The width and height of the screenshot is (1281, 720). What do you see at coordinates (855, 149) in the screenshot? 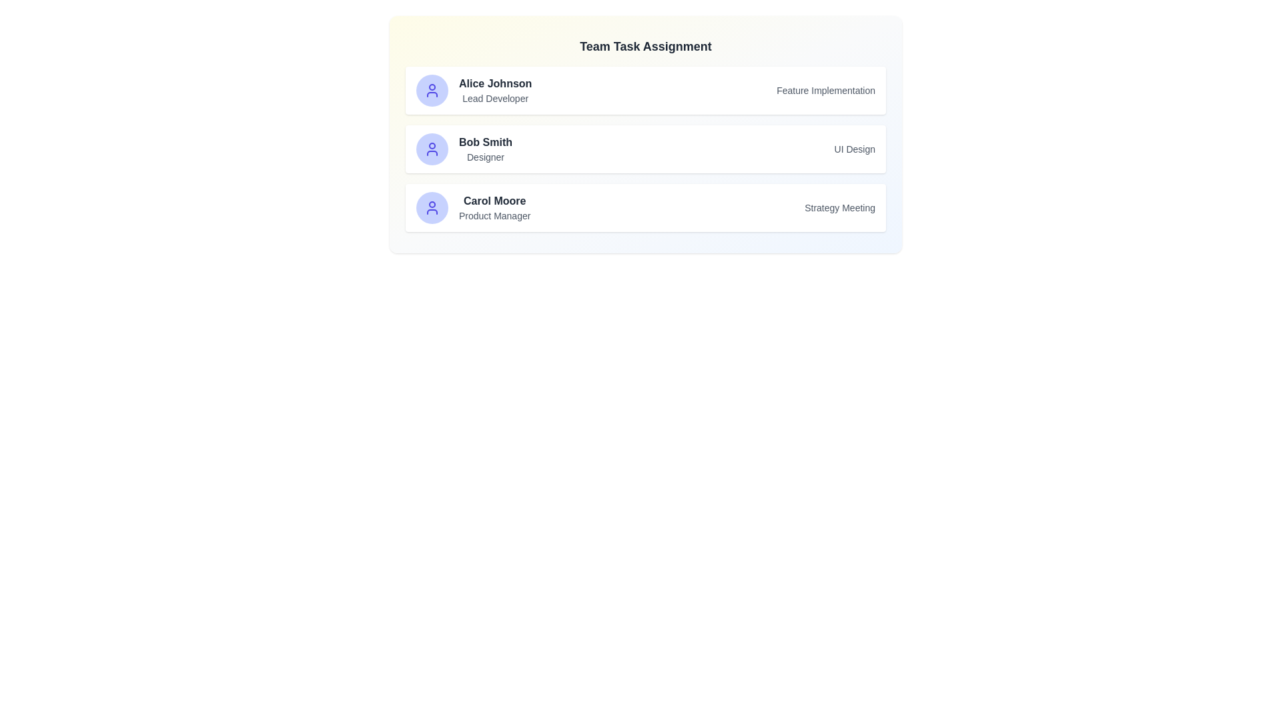
I see `the text label that reads 'UI Design', which is styled in small gray font and is located in the bottom-right corner of the task assignation block for 'Bob Smith'` at bounding box center [855, 149].